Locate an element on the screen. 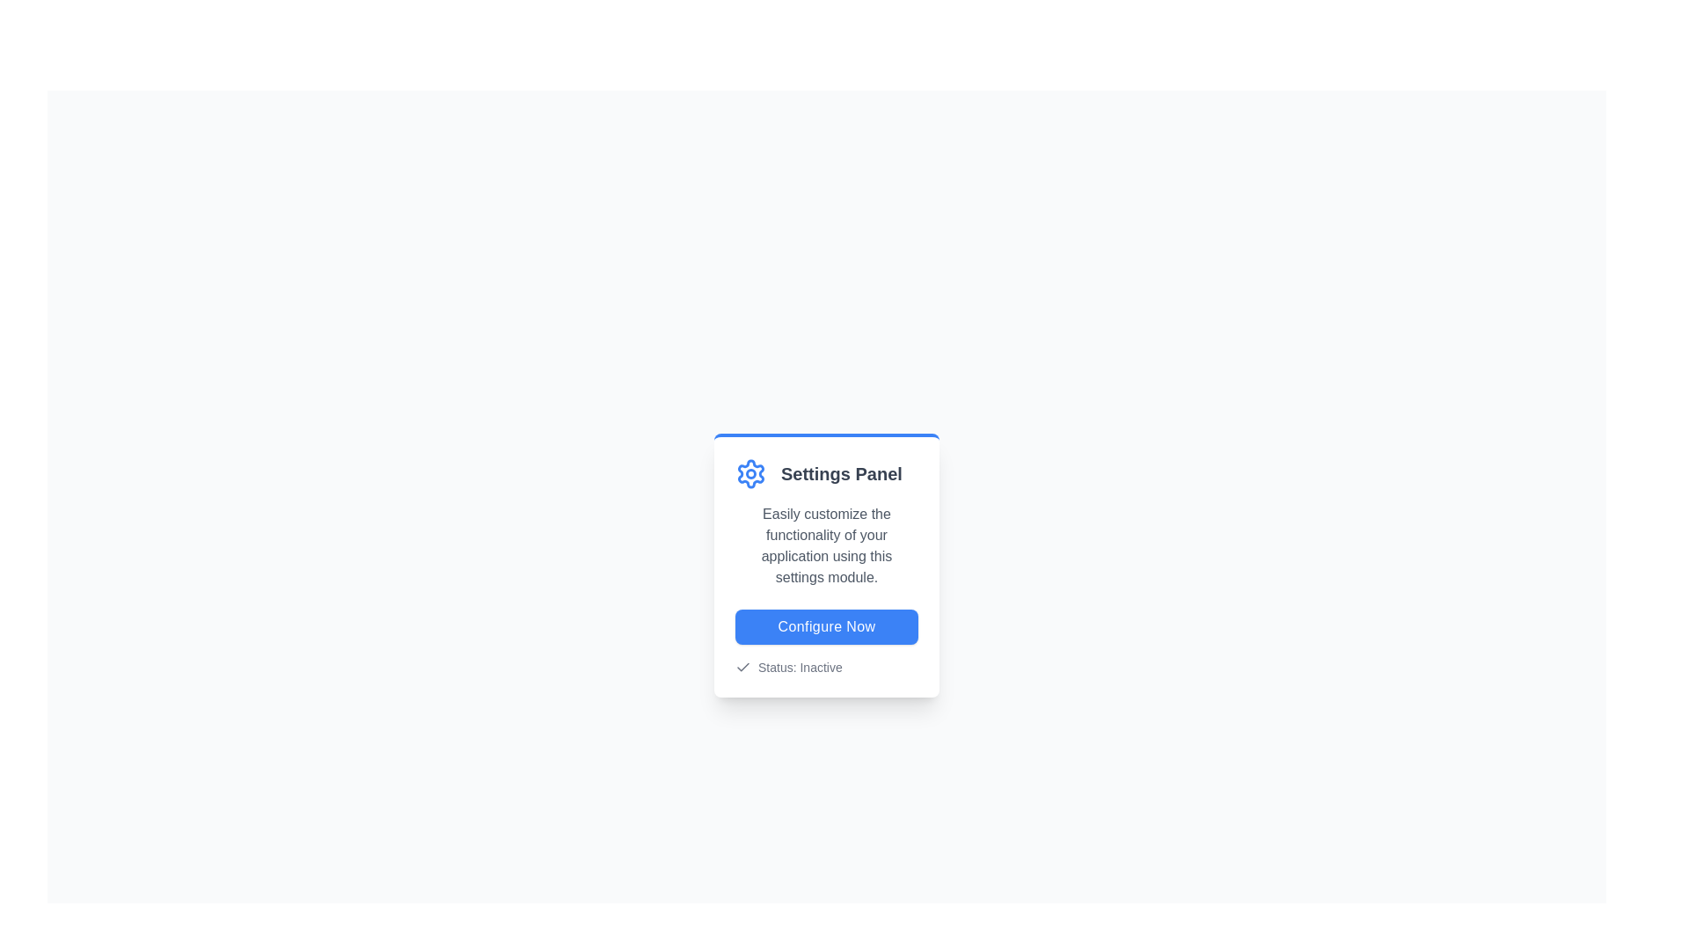  the blue settings gear icon located at the top left of the 'Settings Panel' card is located at coordinates (751, 473).